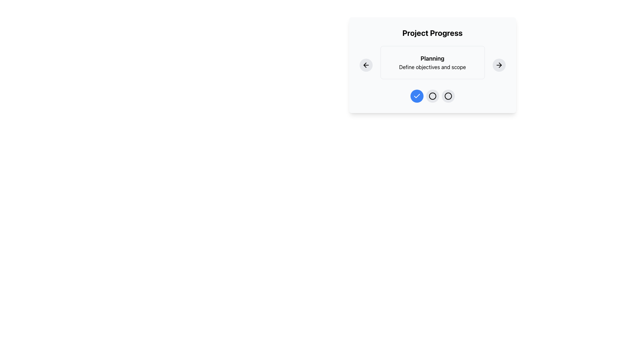  I want to click on the leftmost circular button in the button group below the 'Project Progress' card to indicate selection, so click(416, 96).